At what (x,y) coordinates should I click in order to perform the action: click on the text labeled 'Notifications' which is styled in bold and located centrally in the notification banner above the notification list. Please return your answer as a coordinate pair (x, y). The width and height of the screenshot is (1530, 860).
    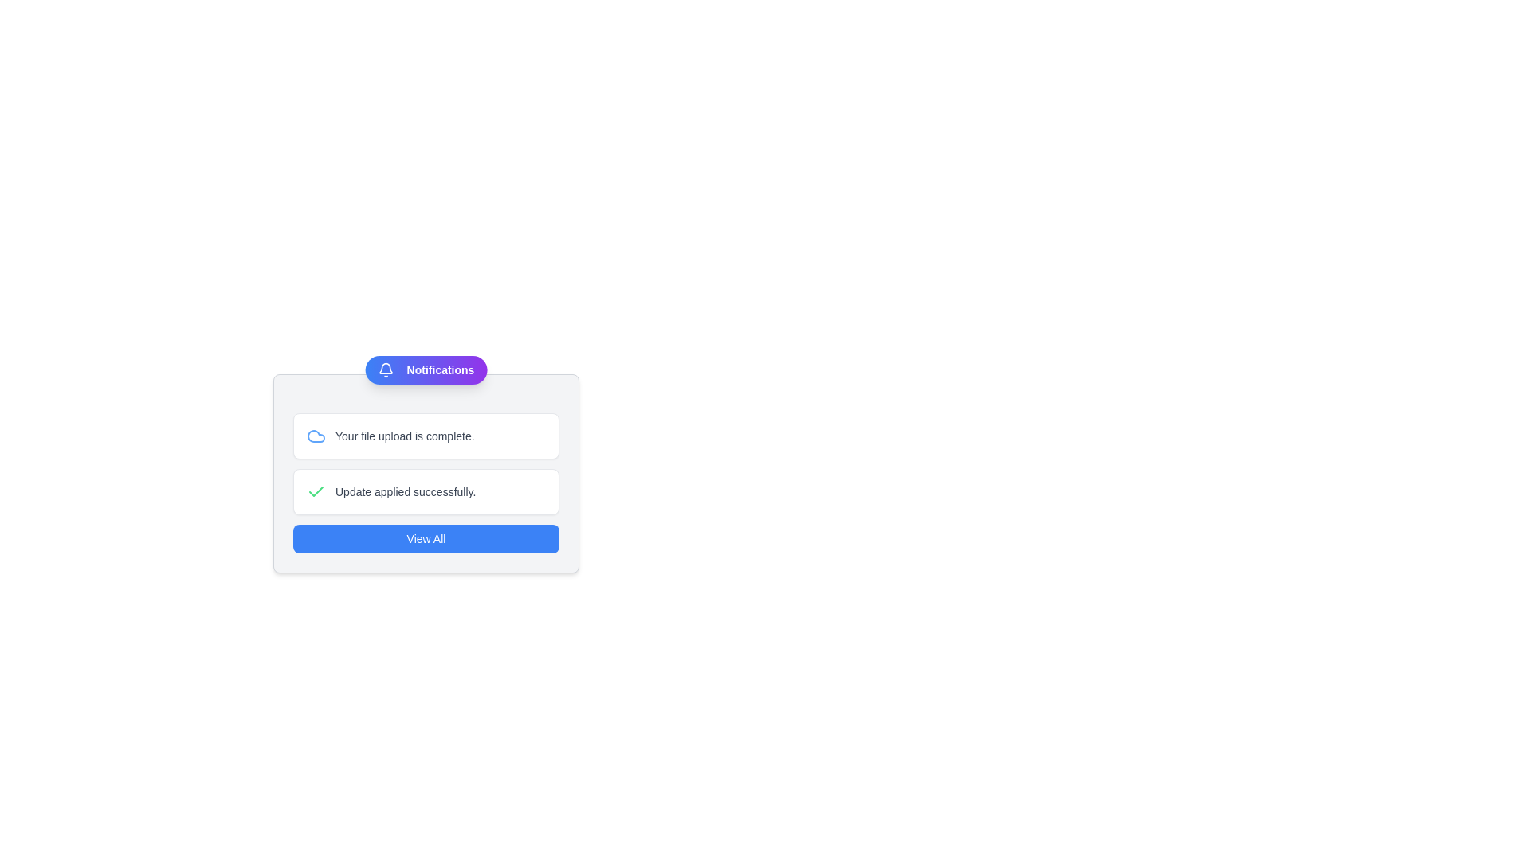
    Looking at the image, I should click on (440, 370).